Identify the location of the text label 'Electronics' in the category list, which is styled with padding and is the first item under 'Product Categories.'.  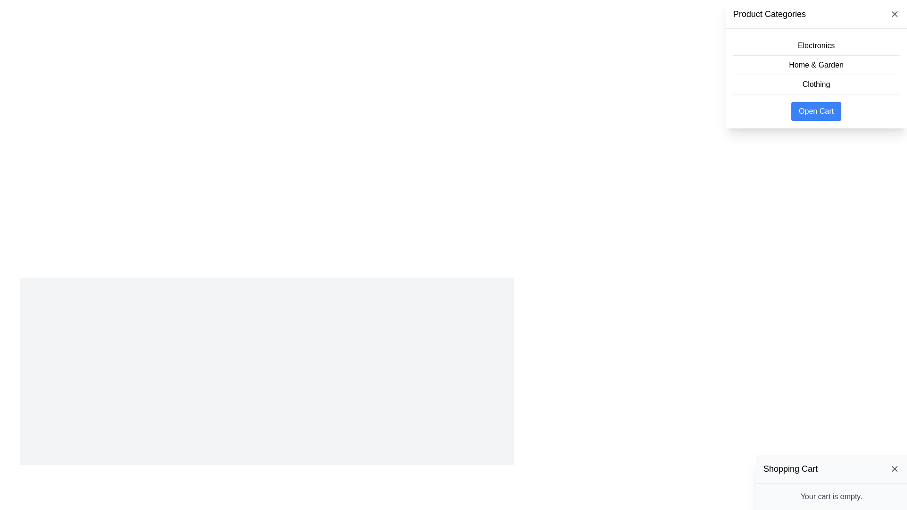
(816, 46).